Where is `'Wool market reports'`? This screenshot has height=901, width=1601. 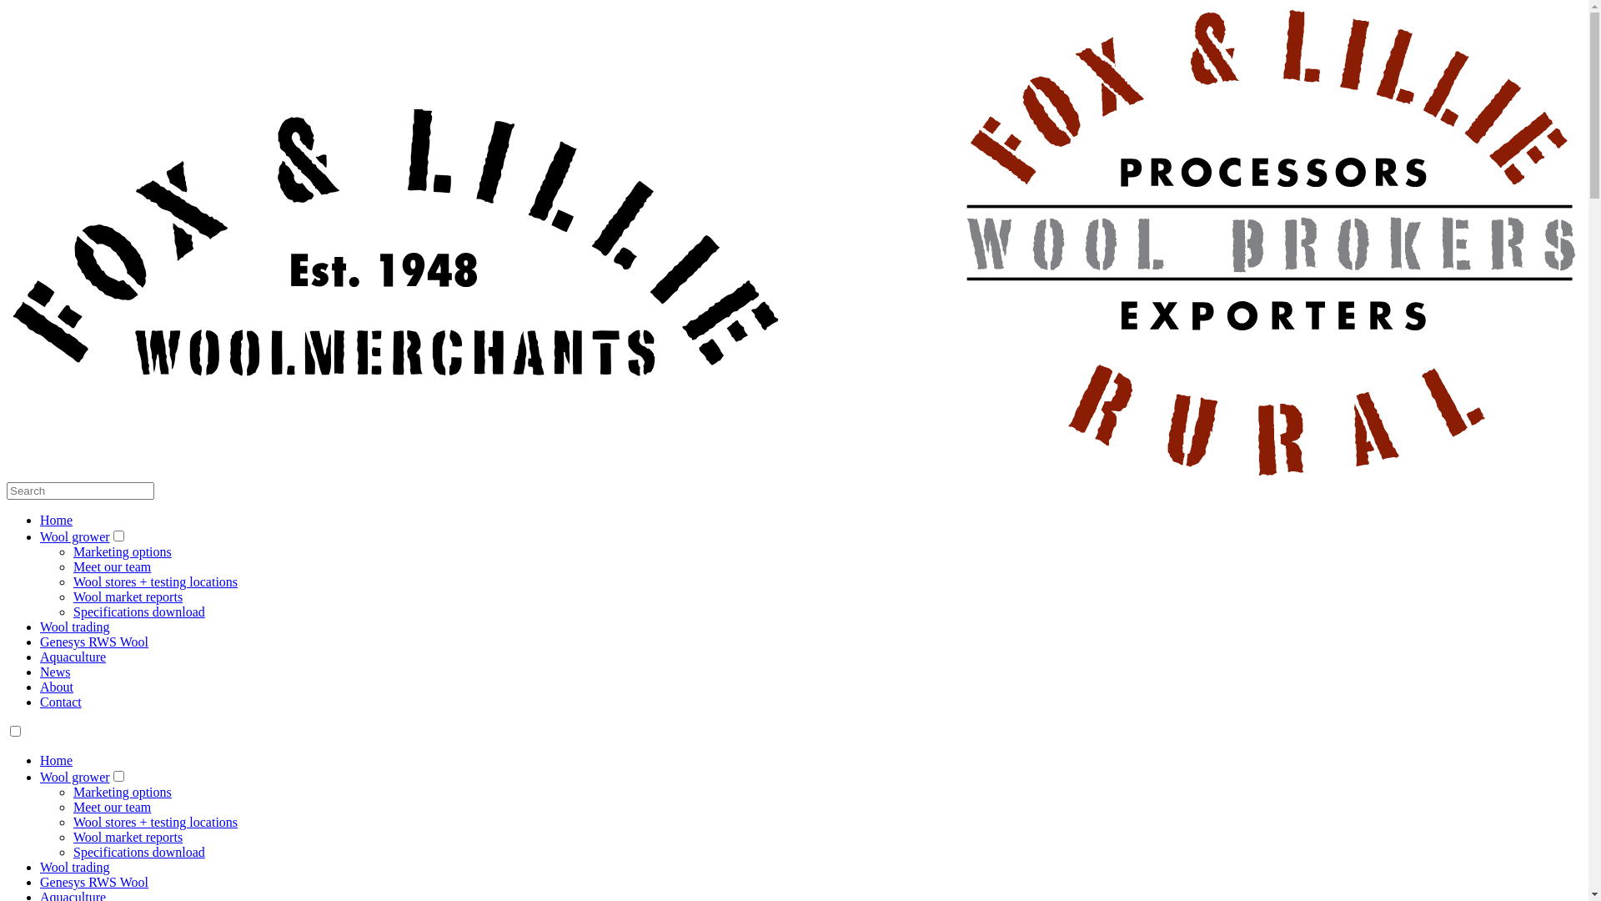
'Wool market reports' is located at coordinates (127, 596).